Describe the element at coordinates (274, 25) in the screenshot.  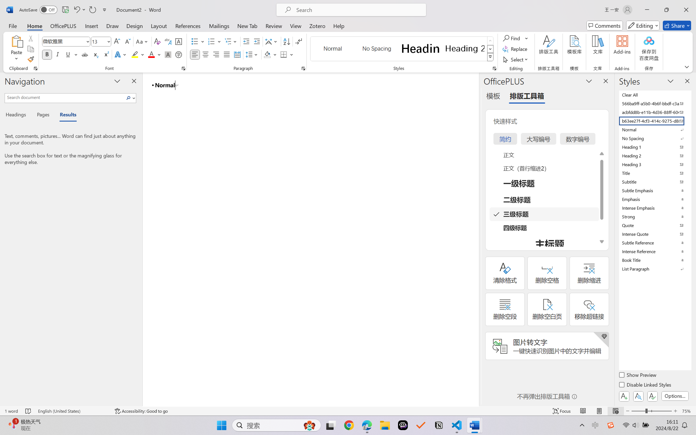
I see `'Review'` at that location.